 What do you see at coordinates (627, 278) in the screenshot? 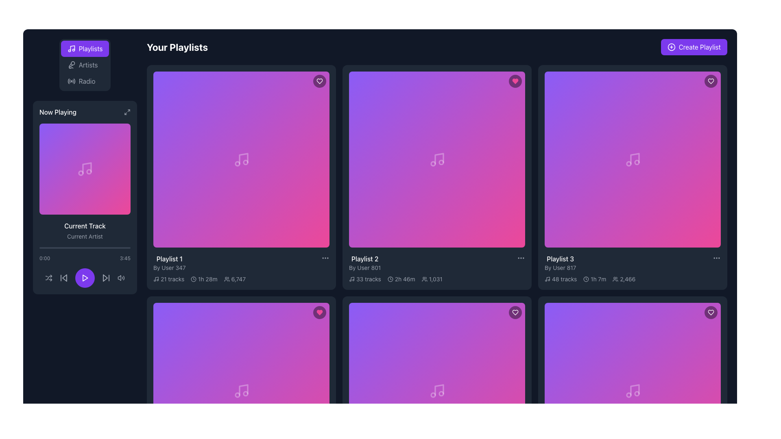
I see `the static text indicating user-related statistics for 'Playlist 3', which is positioned below the playlist title and aligned with the group icon` at bounding box center [627, 278].